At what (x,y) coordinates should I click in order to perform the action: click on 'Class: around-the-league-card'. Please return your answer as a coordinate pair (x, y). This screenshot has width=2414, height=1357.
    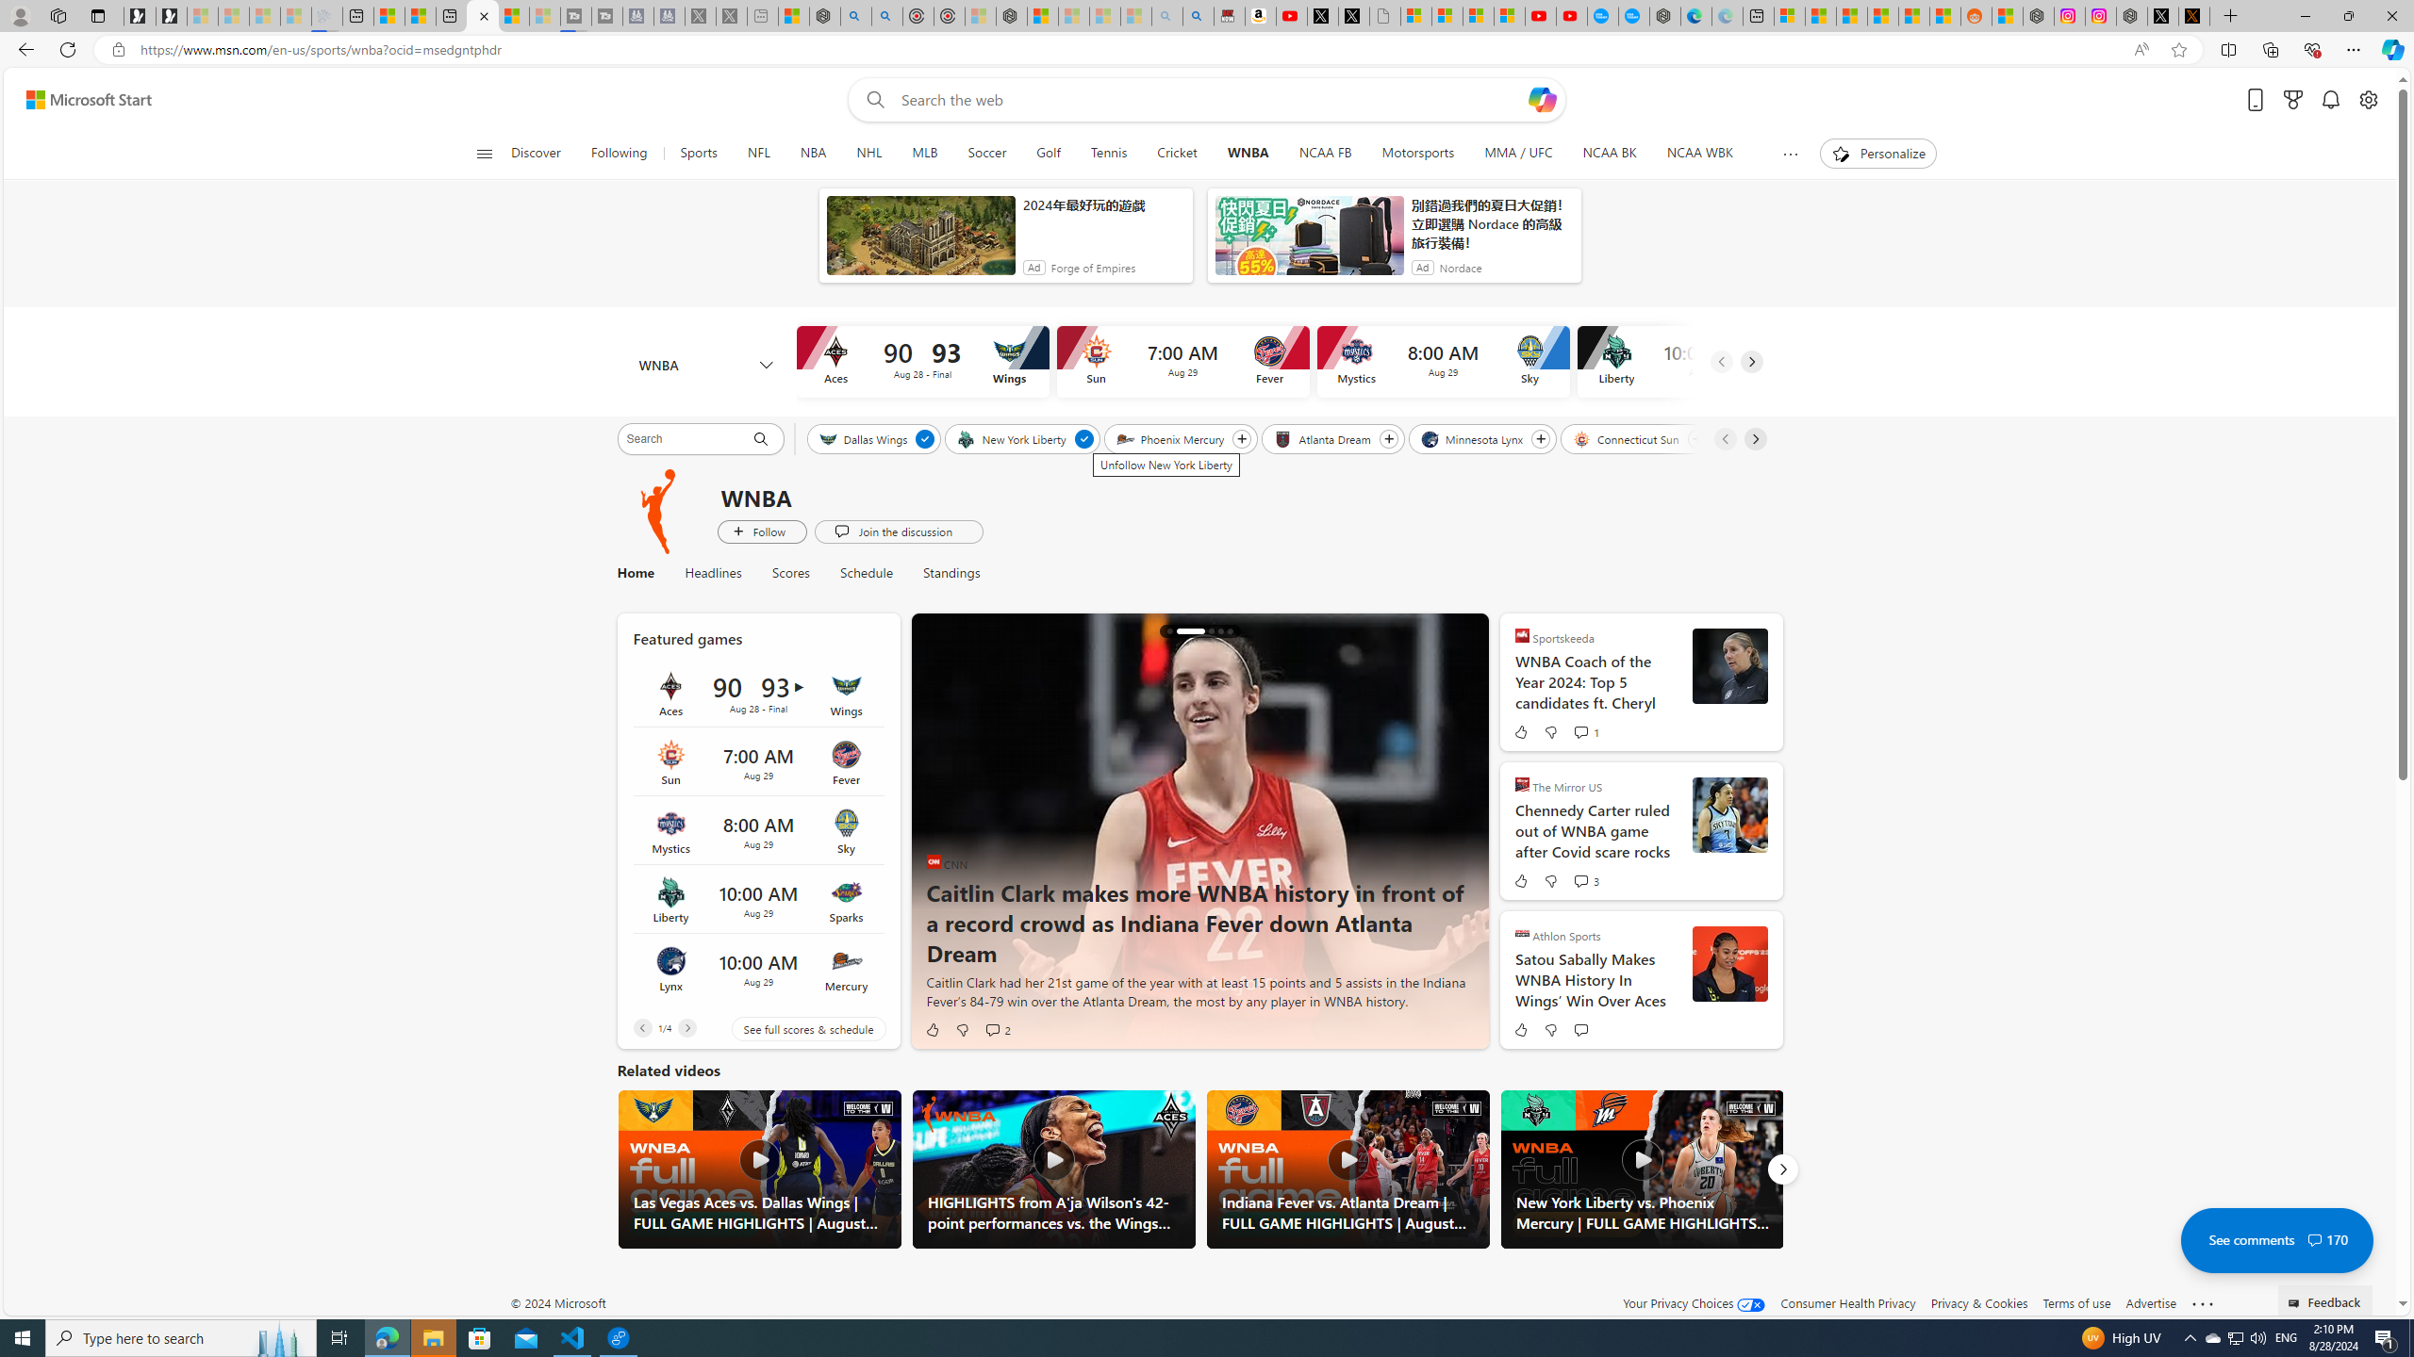
    Looking at the image, I should click on (757, 968).